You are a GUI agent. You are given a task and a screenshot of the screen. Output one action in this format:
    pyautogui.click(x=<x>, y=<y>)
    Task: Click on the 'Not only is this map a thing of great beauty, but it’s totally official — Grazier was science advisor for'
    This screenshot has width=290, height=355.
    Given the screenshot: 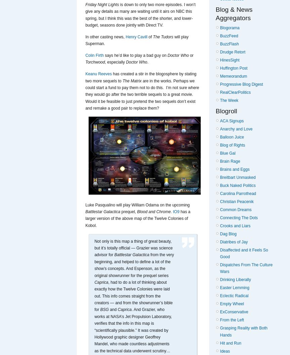 What is the action you would take?
    pyautogui.click(x=133, y=247)
    